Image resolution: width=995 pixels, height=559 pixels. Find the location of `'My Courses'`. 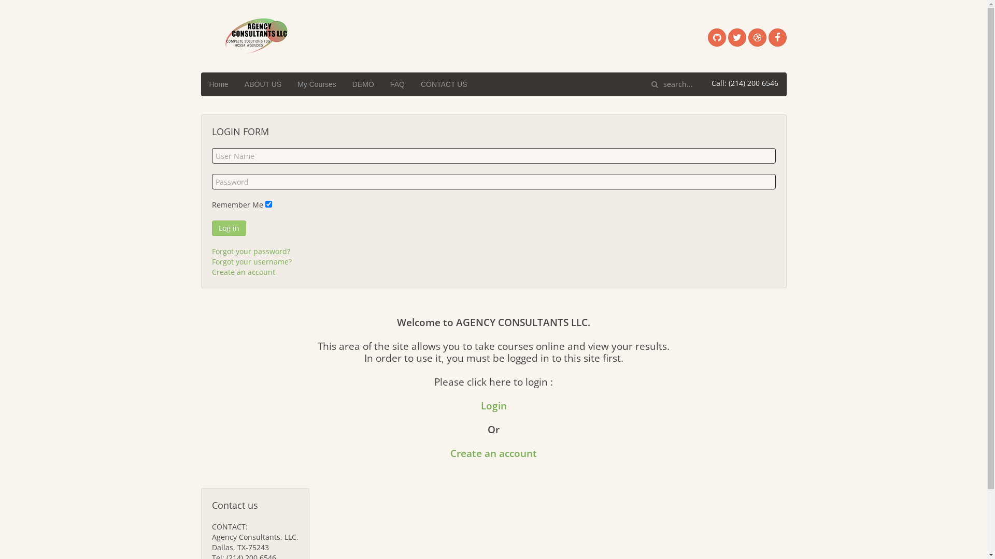

'My Courses' is located at coordinates (316, 83).